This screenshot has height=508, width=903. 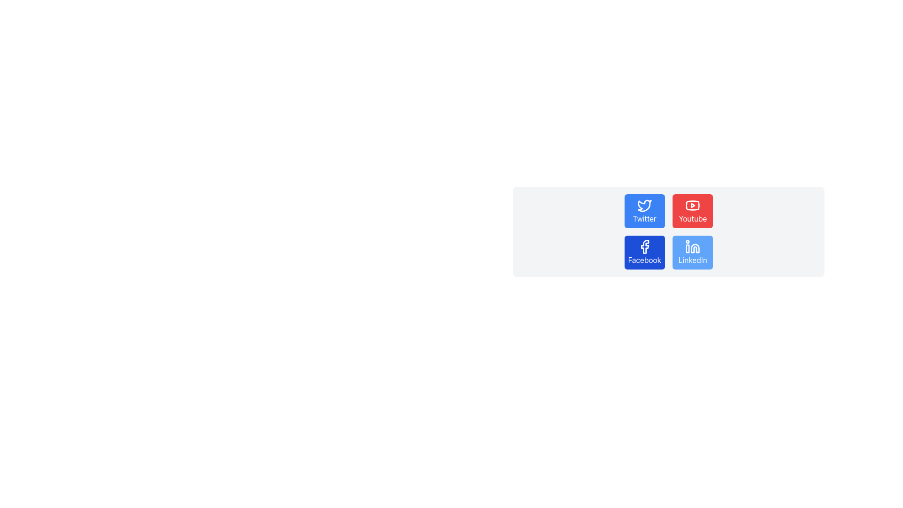 I want to click on the Twitter logo icon, so click(x=644, y=205).